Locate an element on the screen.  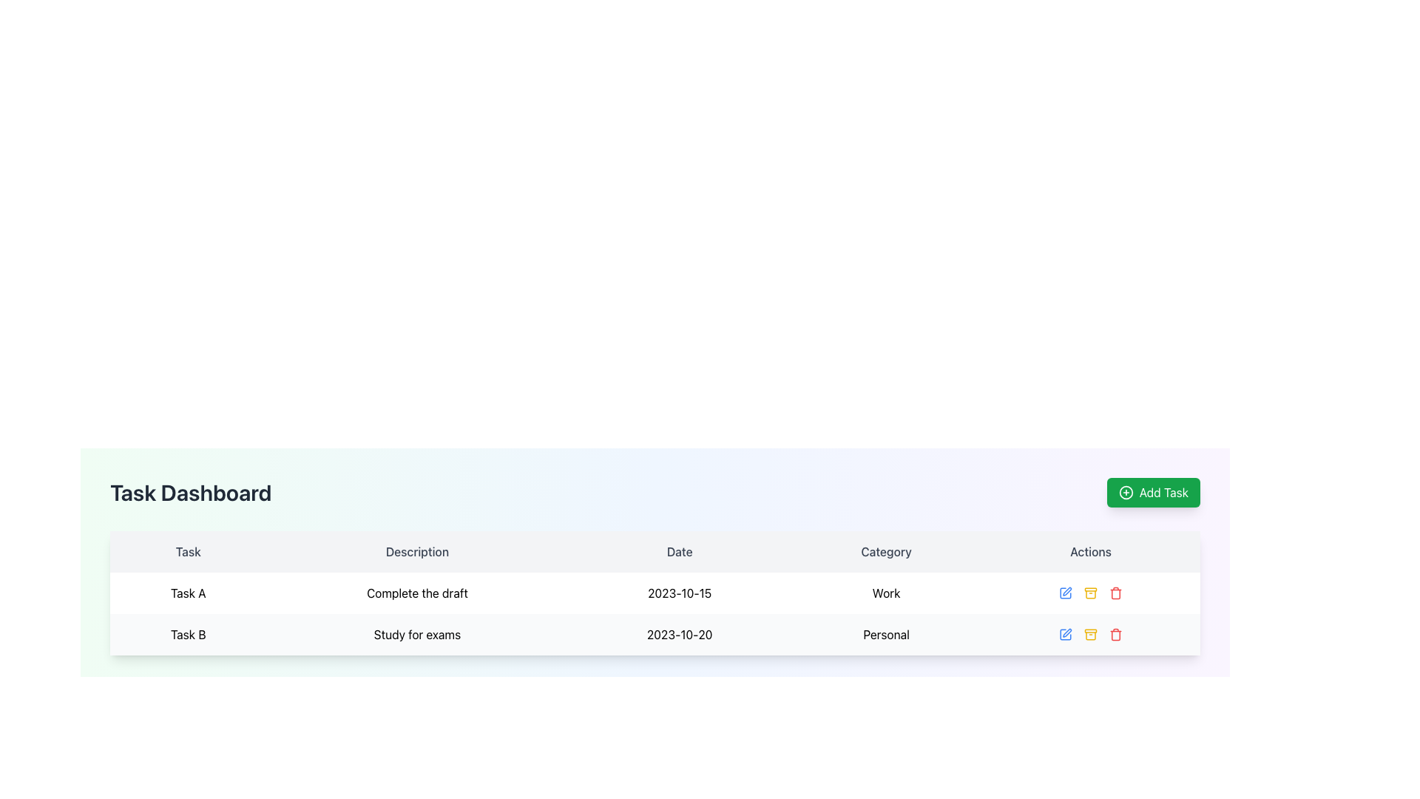
the text label displaying the word 'Task' in a gray font, which is located in the top-left corner of the table layout, above the 'Task A' row is located at coordinates (187, 551).